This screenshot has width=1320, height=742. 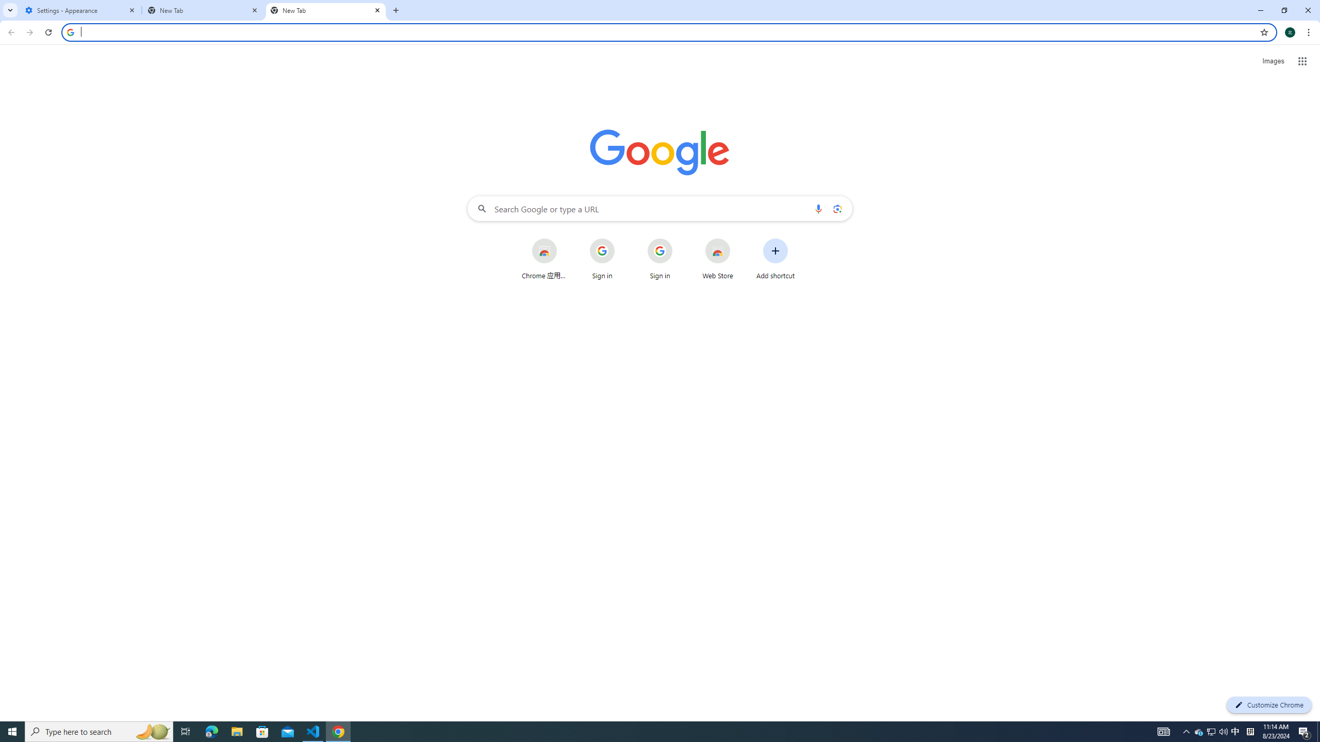 What do you see at coordinates (80, 10) in the screenshot?
I see `'Settings - Appearance'` at bounding box center [80, 10].